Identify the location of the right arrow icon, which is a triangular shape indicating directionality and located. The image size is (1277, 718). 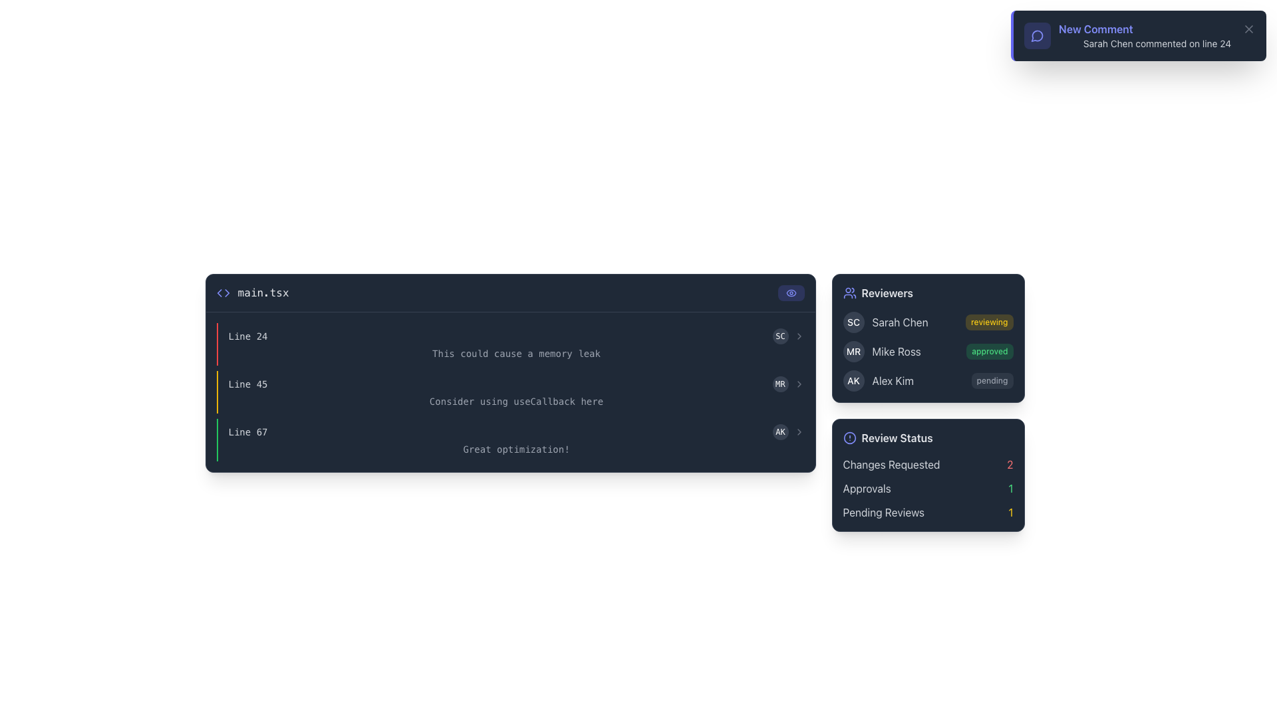
(227, 292).